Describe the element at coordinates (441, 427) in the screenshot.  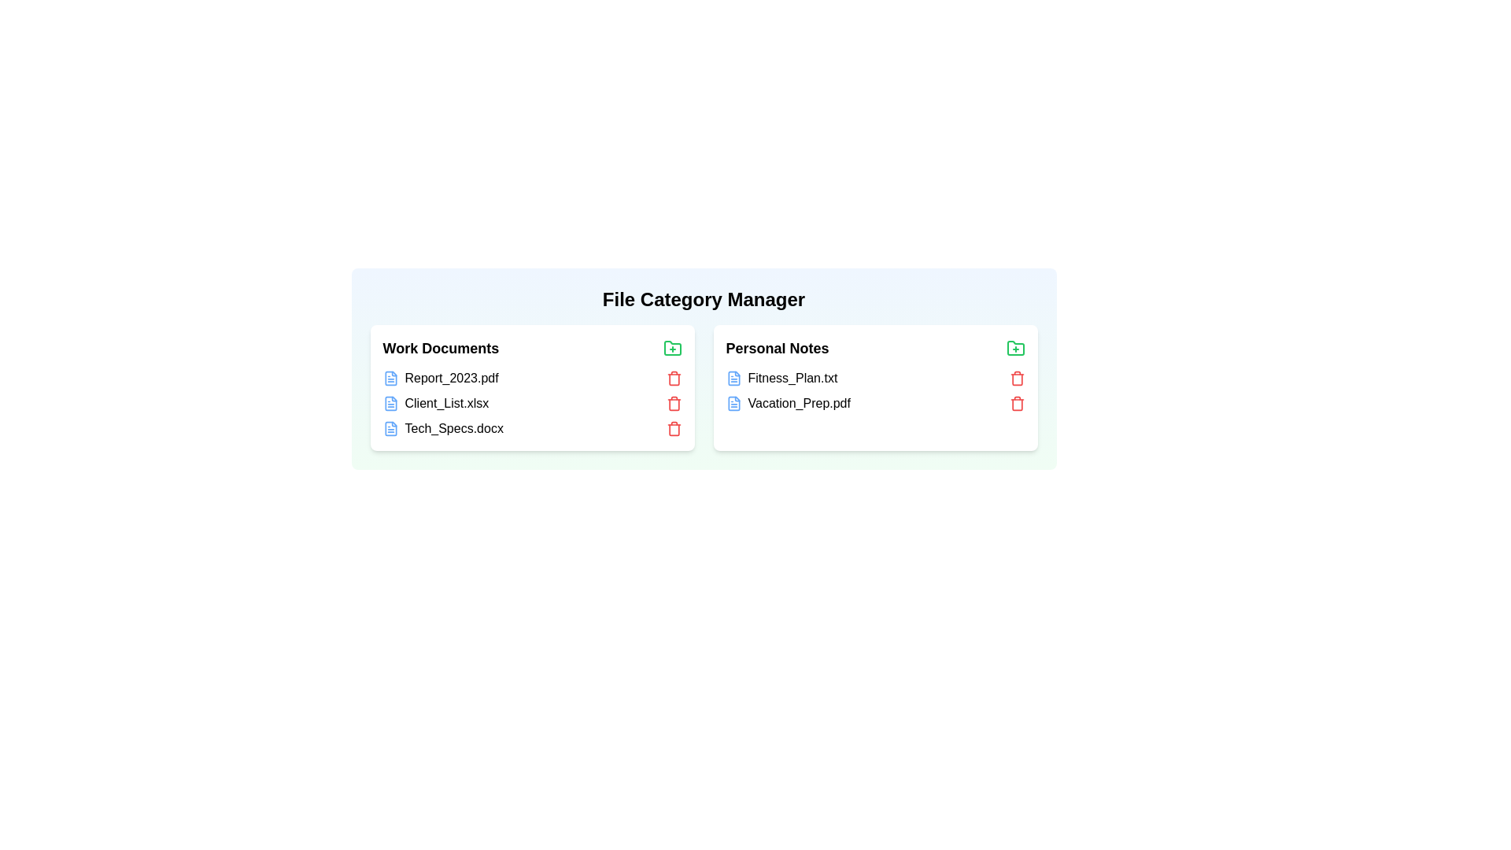
I see `the file named Tech_Specs.docx in the category Work Documents` at that location.